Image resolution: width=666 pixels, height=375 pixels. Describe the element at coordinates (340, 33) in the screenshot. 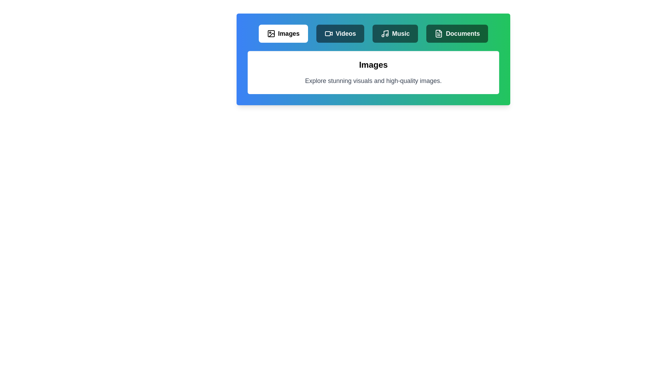

I see `the Videos tab` at that location.